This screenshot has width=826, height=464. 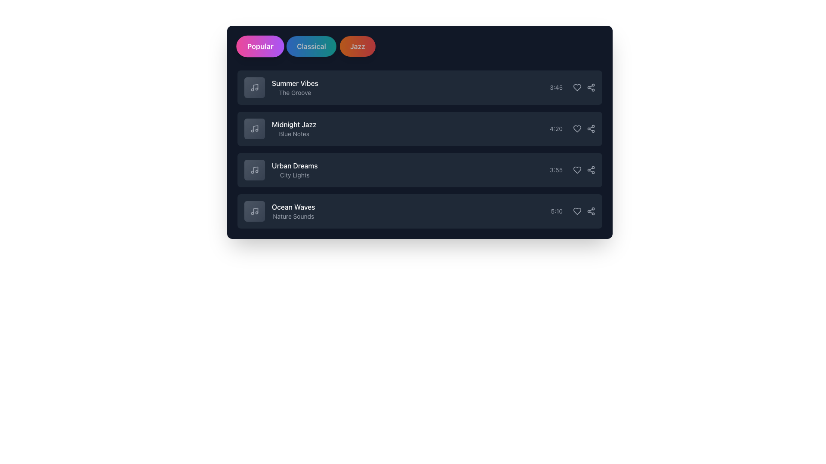 What do you see at coordinates (577, 129) in the screenshot?
I see `the heart icon button in the second row of the music track list, located between the duration and share icon, to favorite or like the music track` at bounding box center [577, 129].